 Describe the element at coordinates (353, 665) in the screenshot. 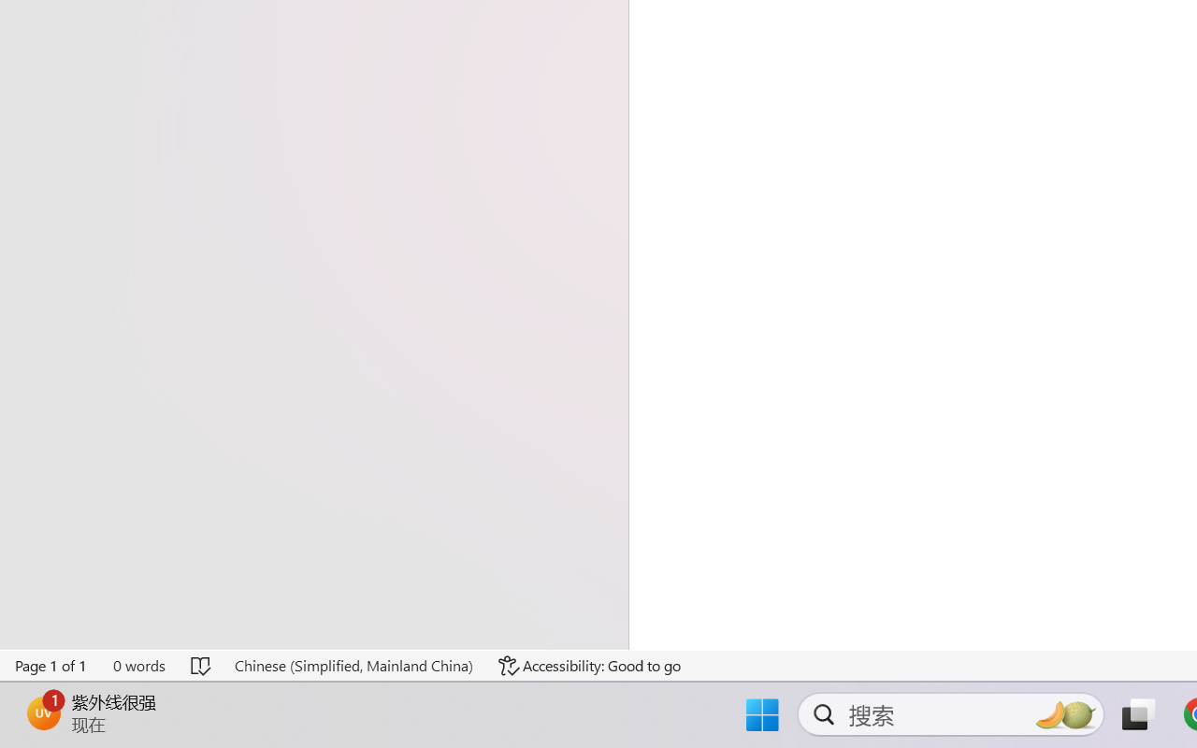

I see `'Language Chinese (Simplified, Mainland China)'` at that location.